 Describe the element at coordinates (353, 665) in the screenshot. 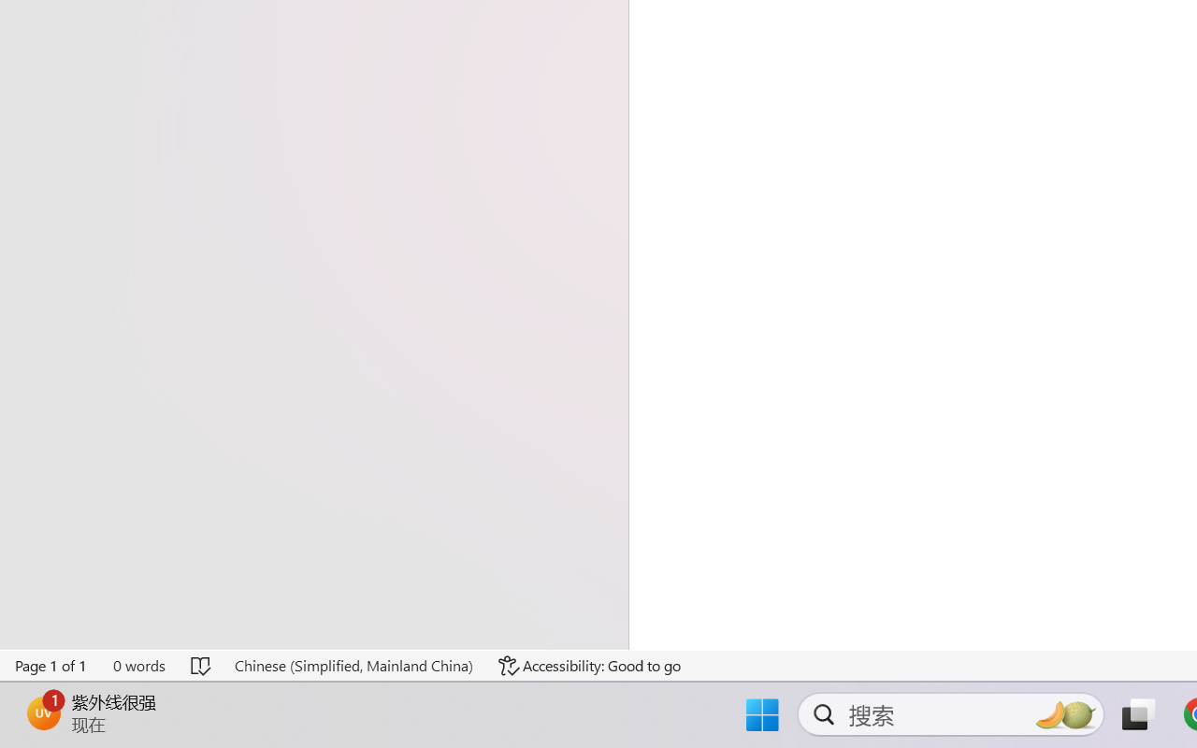

I see `'Language Chinese (Simplified, Mainland China)'` at that location.